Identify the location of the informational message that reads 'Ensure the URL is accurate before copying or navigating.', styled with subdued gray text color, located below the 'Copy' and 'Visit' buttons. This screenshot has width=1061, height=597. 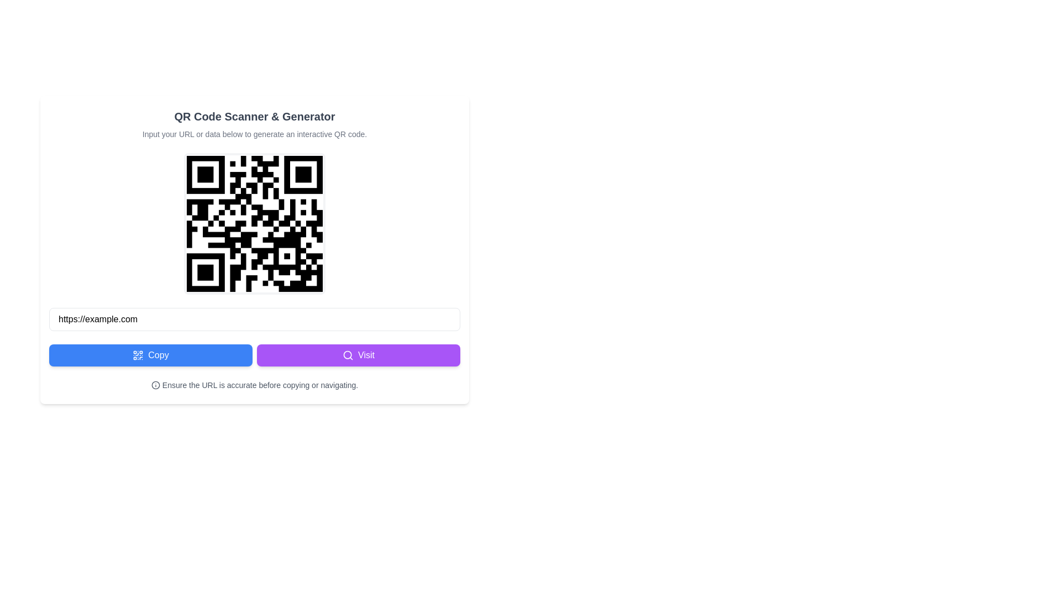
(254, 385).